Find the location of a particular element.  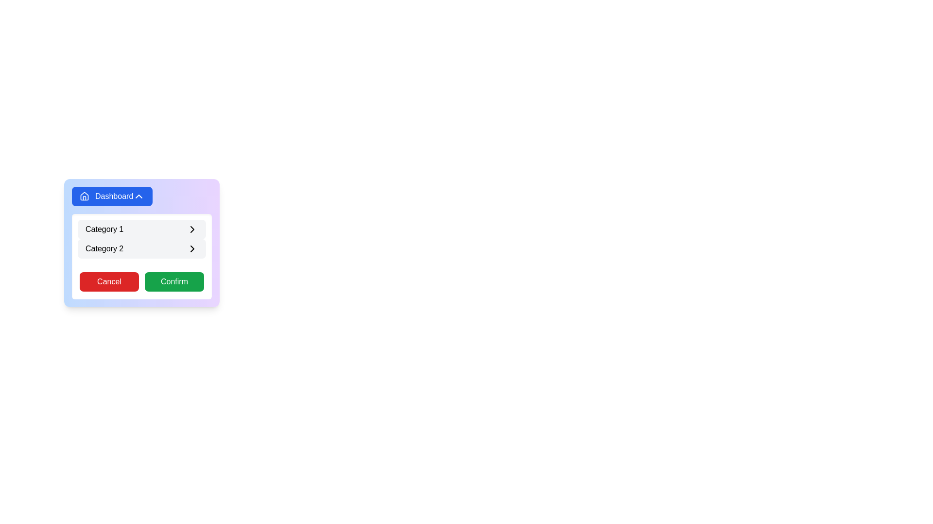

the upward-pointing chevron icon with a smooth, modern appearance, located at the rightmost side of the 'Dashboard' button is located at coordinates (138, 196).